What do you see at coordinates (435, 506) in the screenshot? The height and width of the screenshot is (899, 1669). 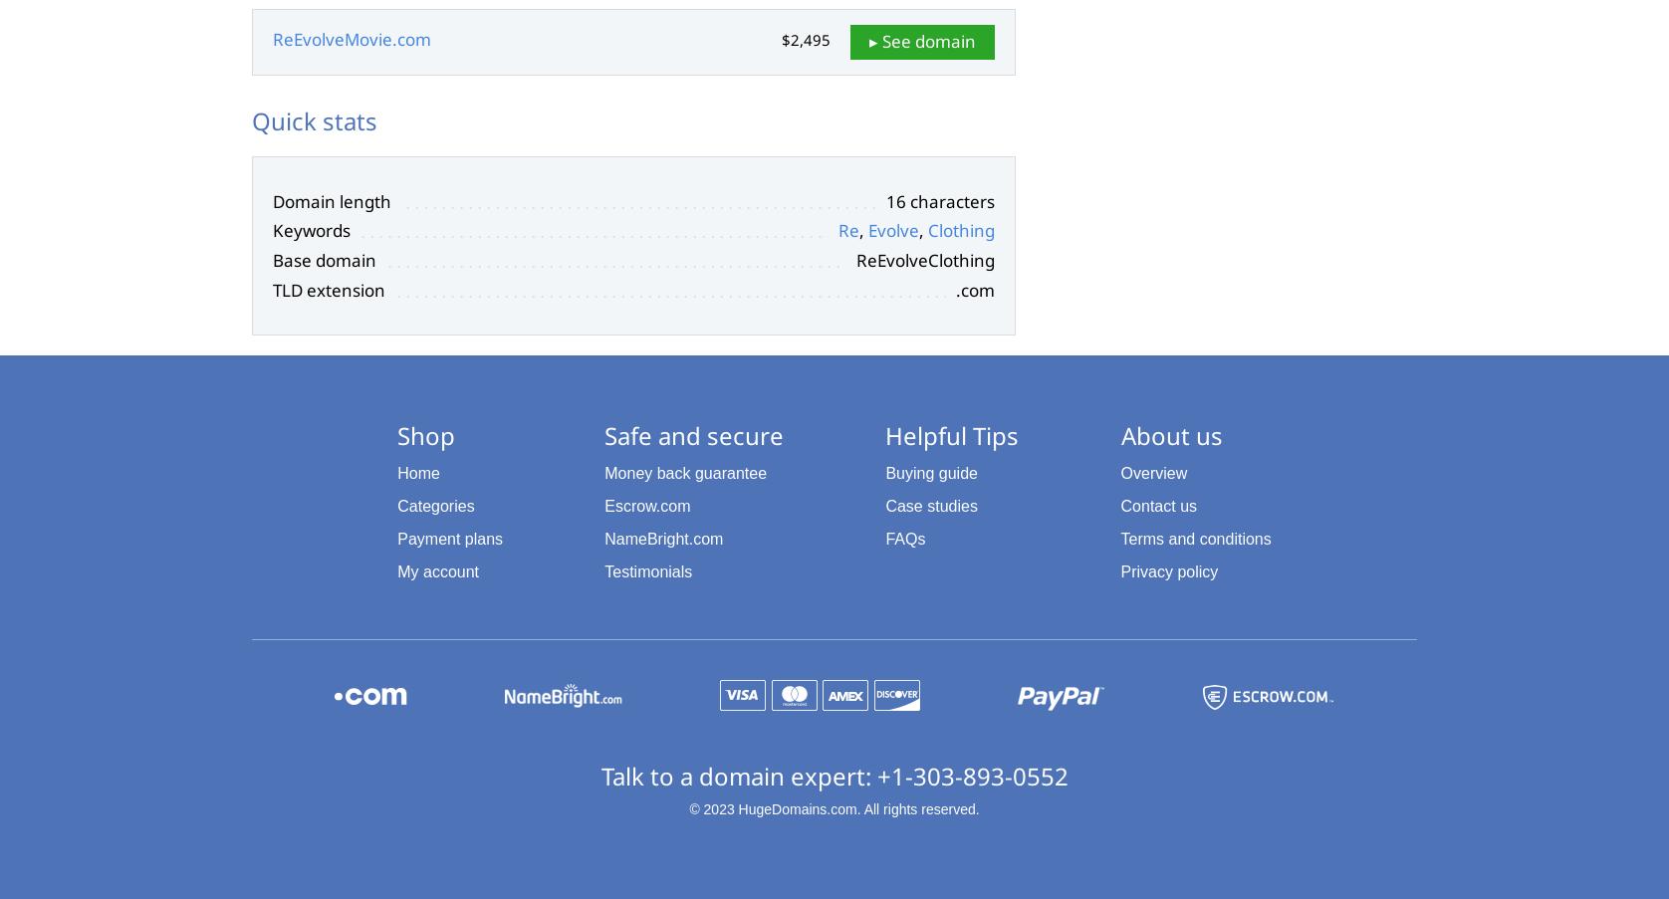 I see `'Categories'` at bounding box center [435, 506].